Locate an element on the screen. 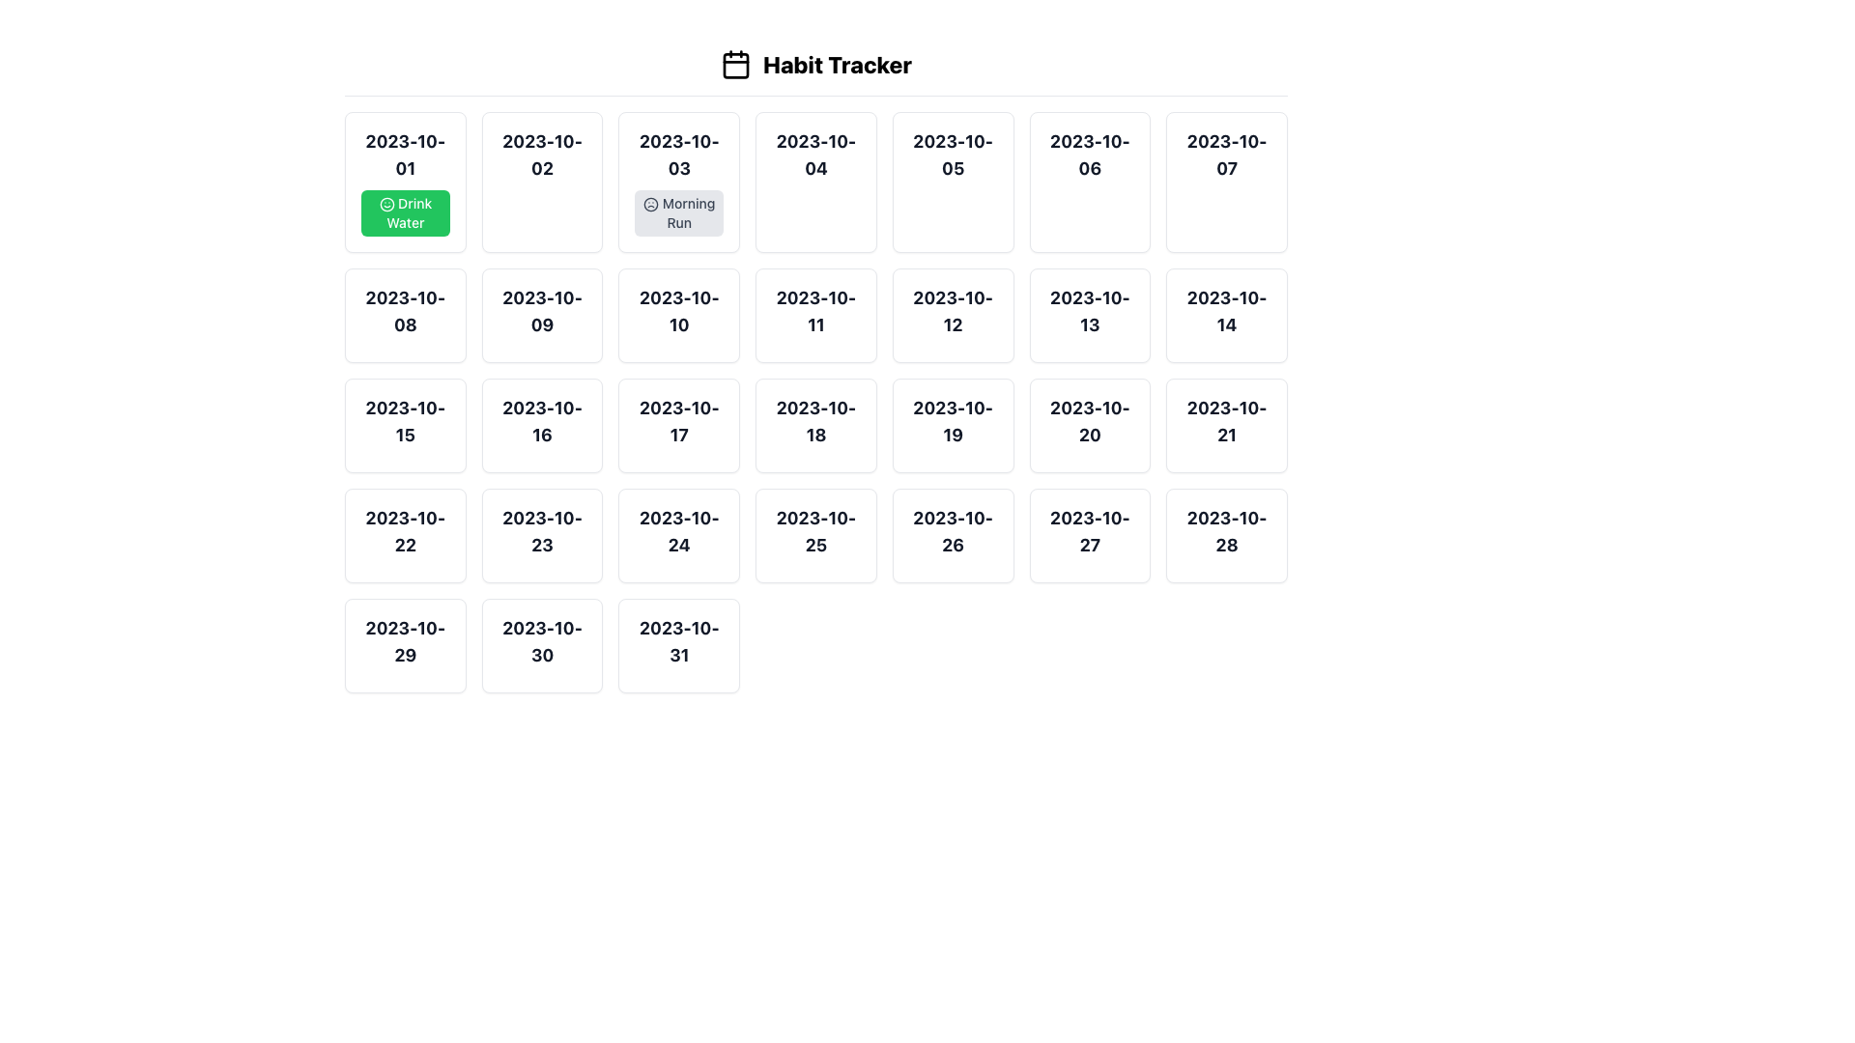 This screenshot has width=1855, height=1043. the date box element located in the second row and fifth column of the habit tracker calendar is located at coordinates (1090, 315).